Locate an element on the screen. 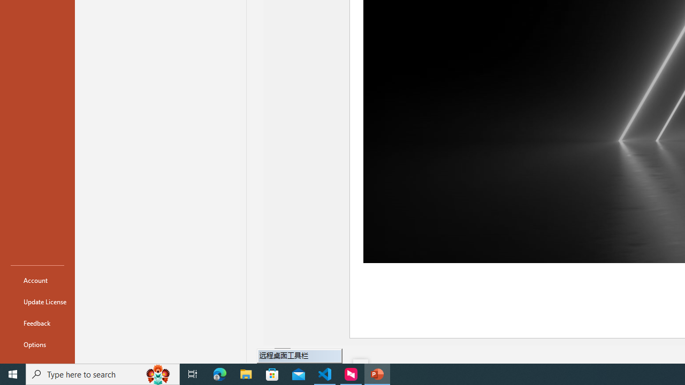 This screenshot has height=385, width=685. 'Update License' is located at coordinates (37, 302).